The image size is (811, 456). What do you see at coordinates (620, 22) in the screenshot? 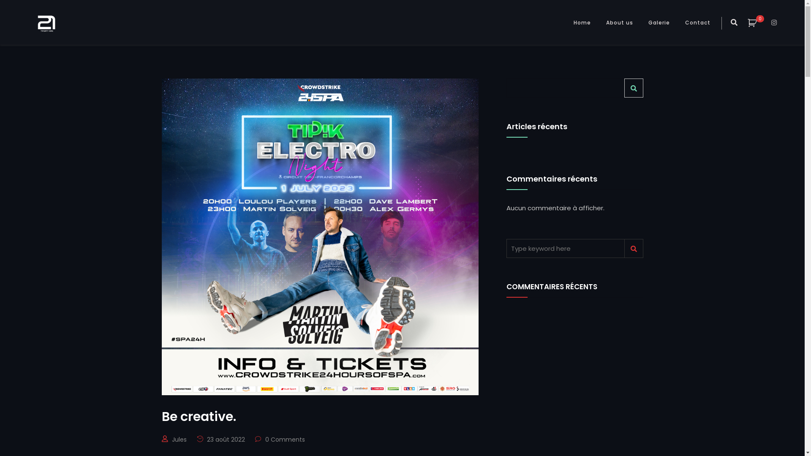
I see `'About us'` at bounding box center [620, 22].